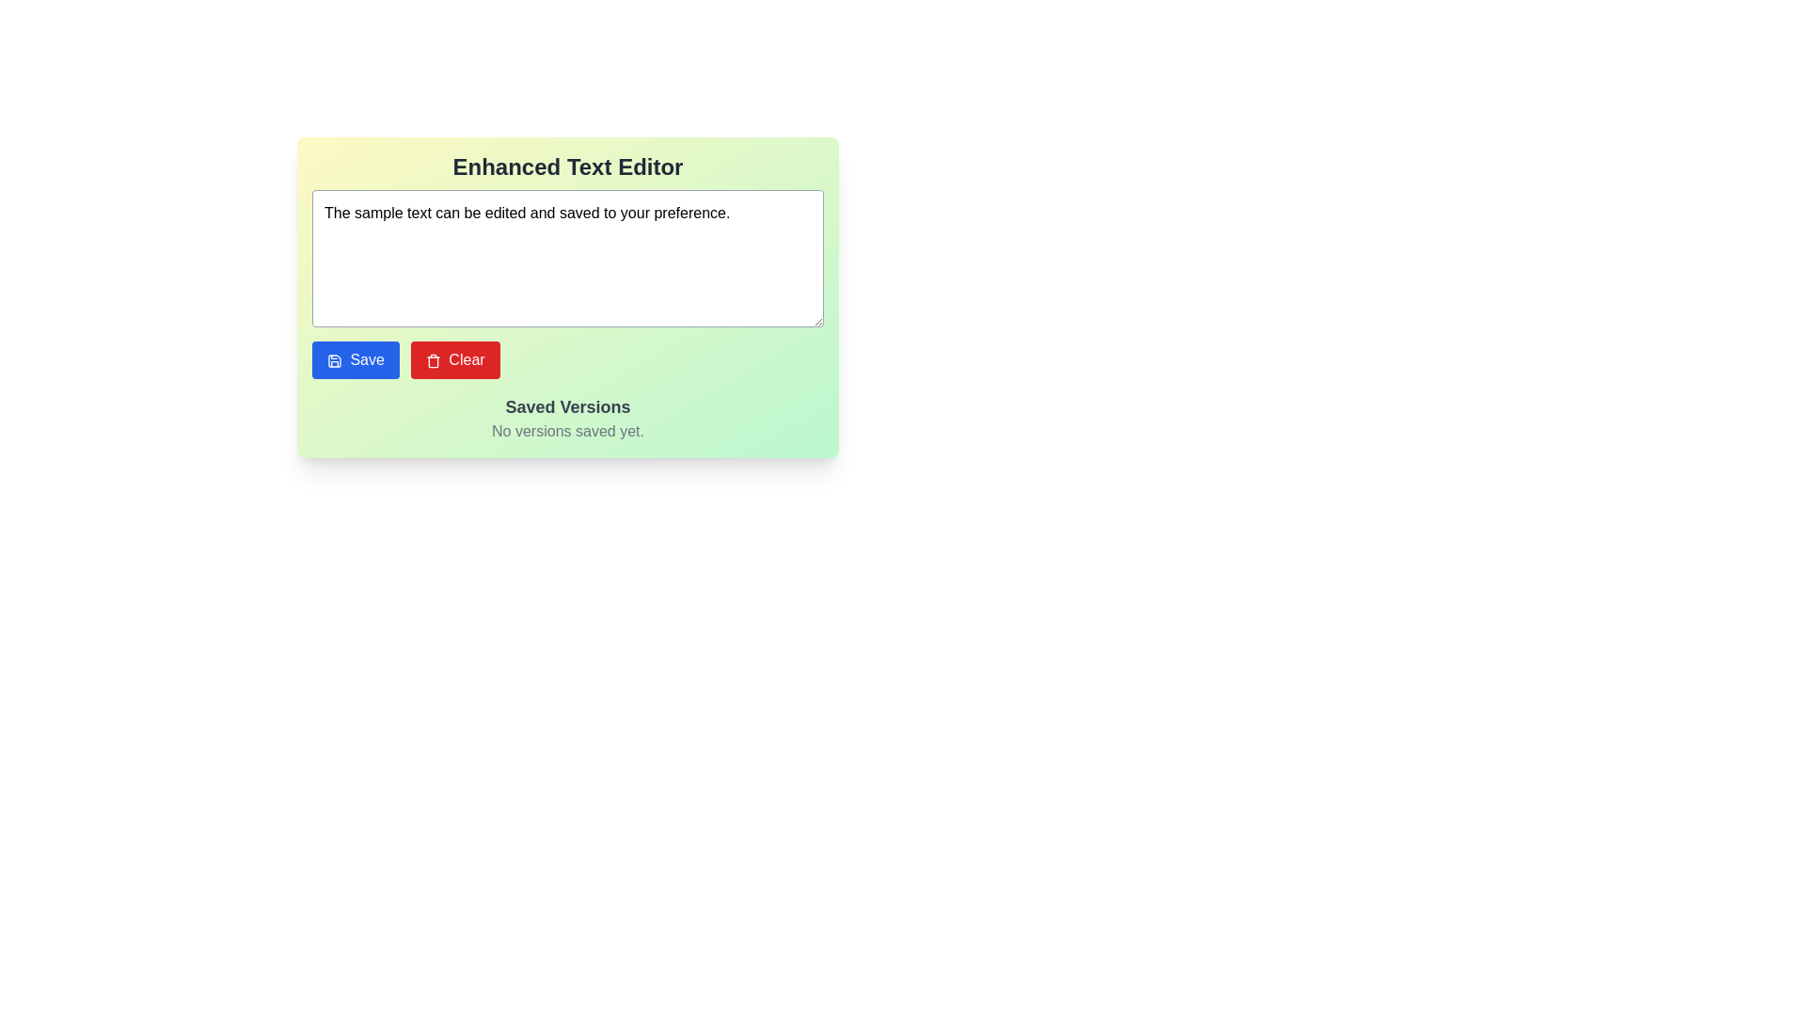 This screenshot has width=1806, height=1016. Describe the element at coordinates (455, 359) in the screenshot. I see `the clear button located below the text input area, which is the second button in a group to the right of the 'Save' button with a blue background, to clear the text input` at that location.